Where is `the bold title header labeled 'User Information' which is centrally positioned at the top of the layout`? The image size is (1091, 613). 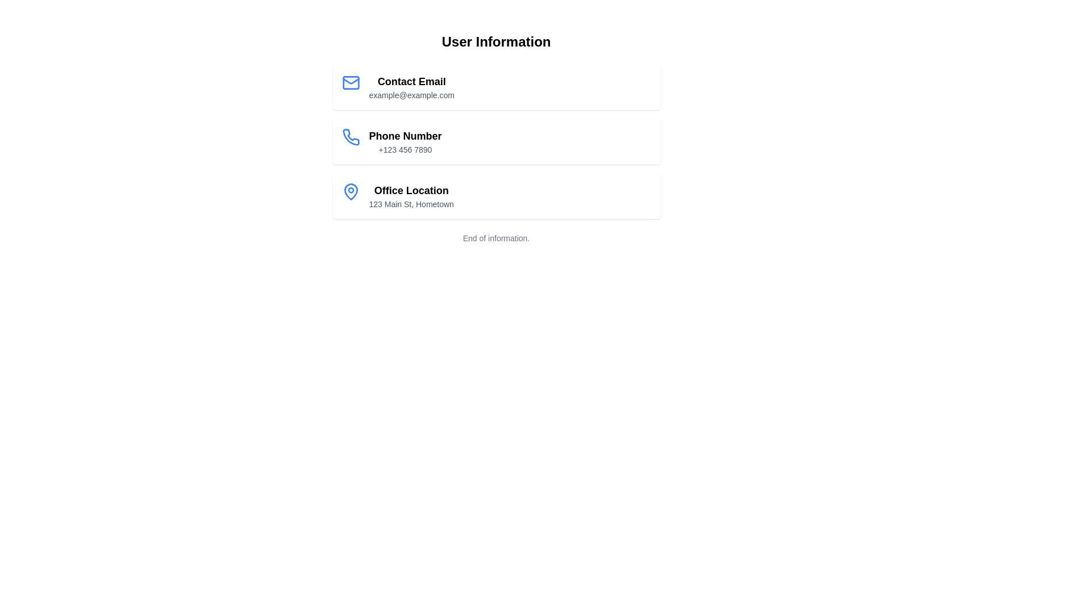
the bold title header labeled 'User Information' which is centrally positioned at the top of the layout is located at coordinates (496, 41).